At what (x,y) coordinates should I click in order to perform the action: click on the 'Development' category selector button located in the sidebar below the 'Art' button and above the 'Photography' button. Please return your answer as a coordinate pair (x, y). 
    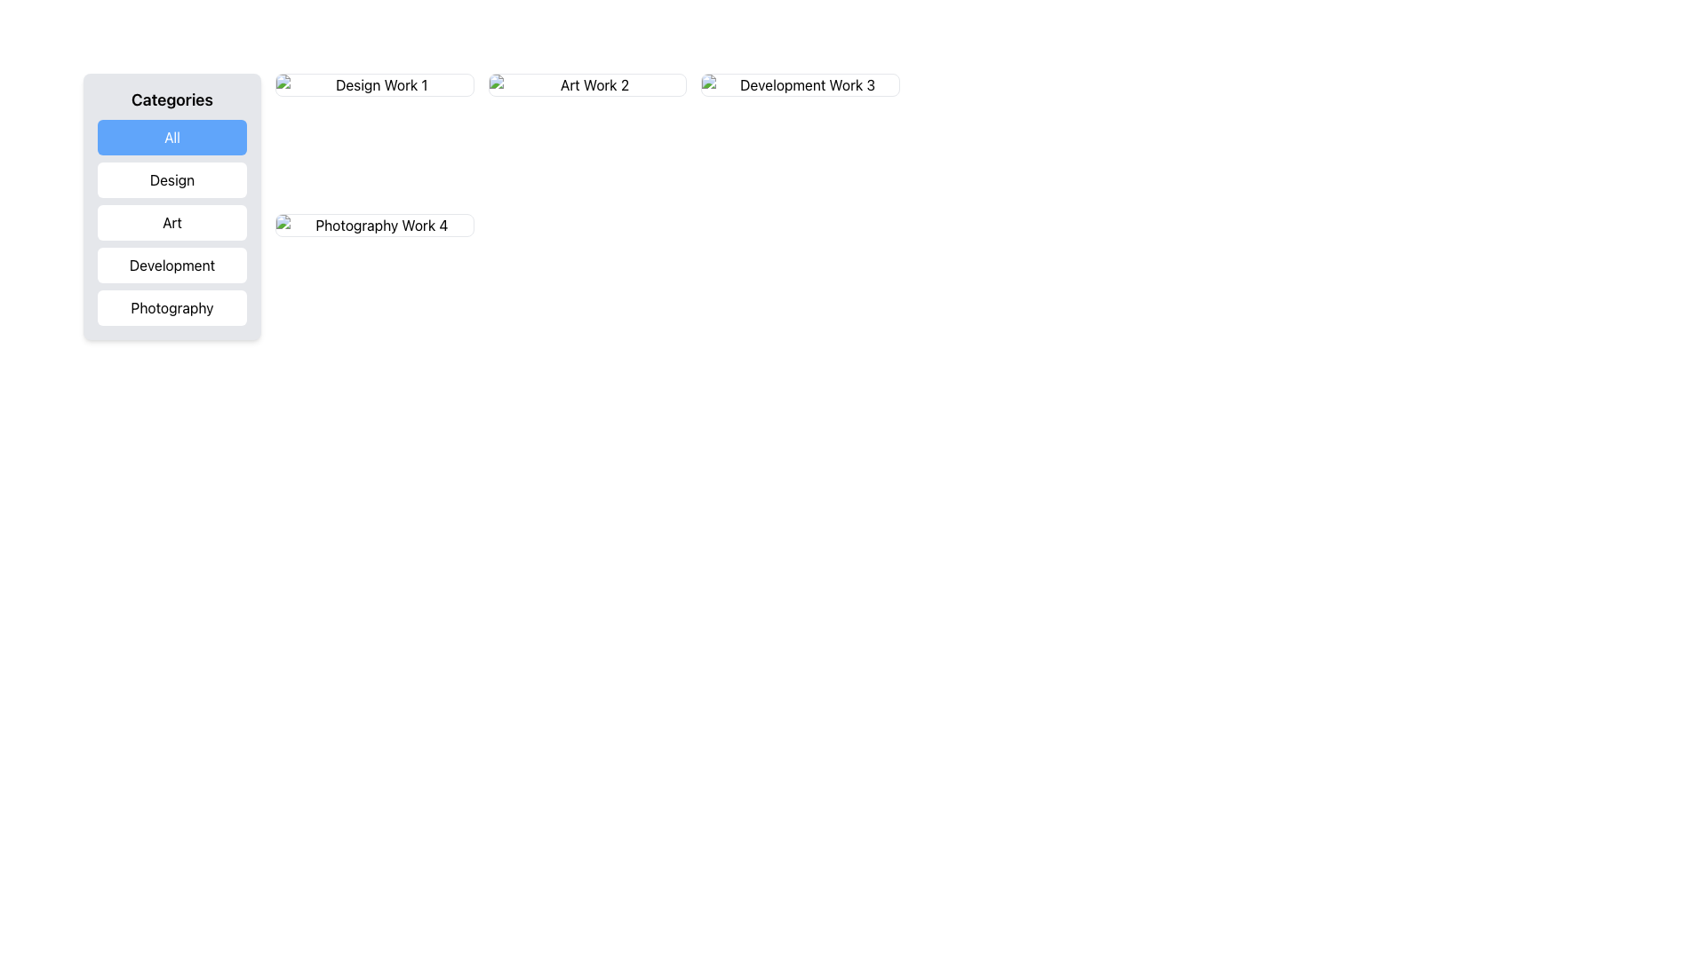
    Looking at the image, I should click on (171, 266).